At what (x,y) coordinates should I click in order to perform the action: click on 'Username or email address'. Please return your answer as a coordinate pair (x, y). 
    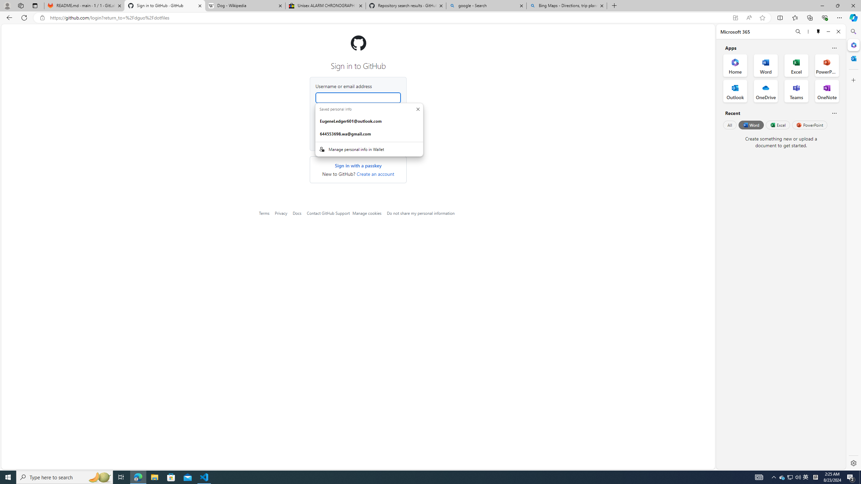
    Looking at the image, I should click on (358, 97).